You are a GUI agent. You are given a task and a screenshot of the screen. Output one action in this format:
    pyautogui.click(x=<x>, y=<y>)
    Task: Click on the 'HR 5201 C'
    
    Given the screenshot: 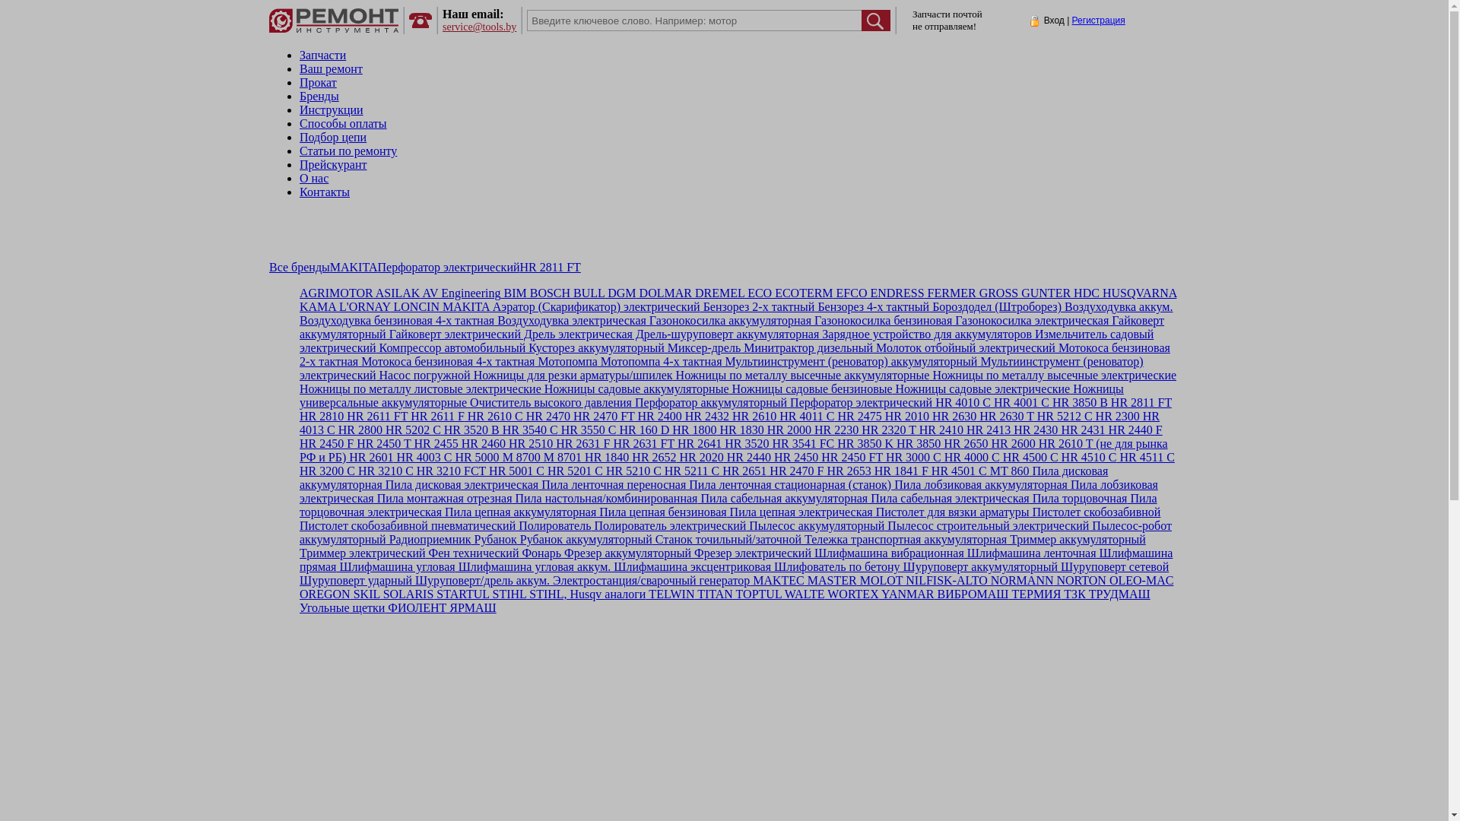 What is the action you would take?
    pyautogui.click(x=573, y=470)
    